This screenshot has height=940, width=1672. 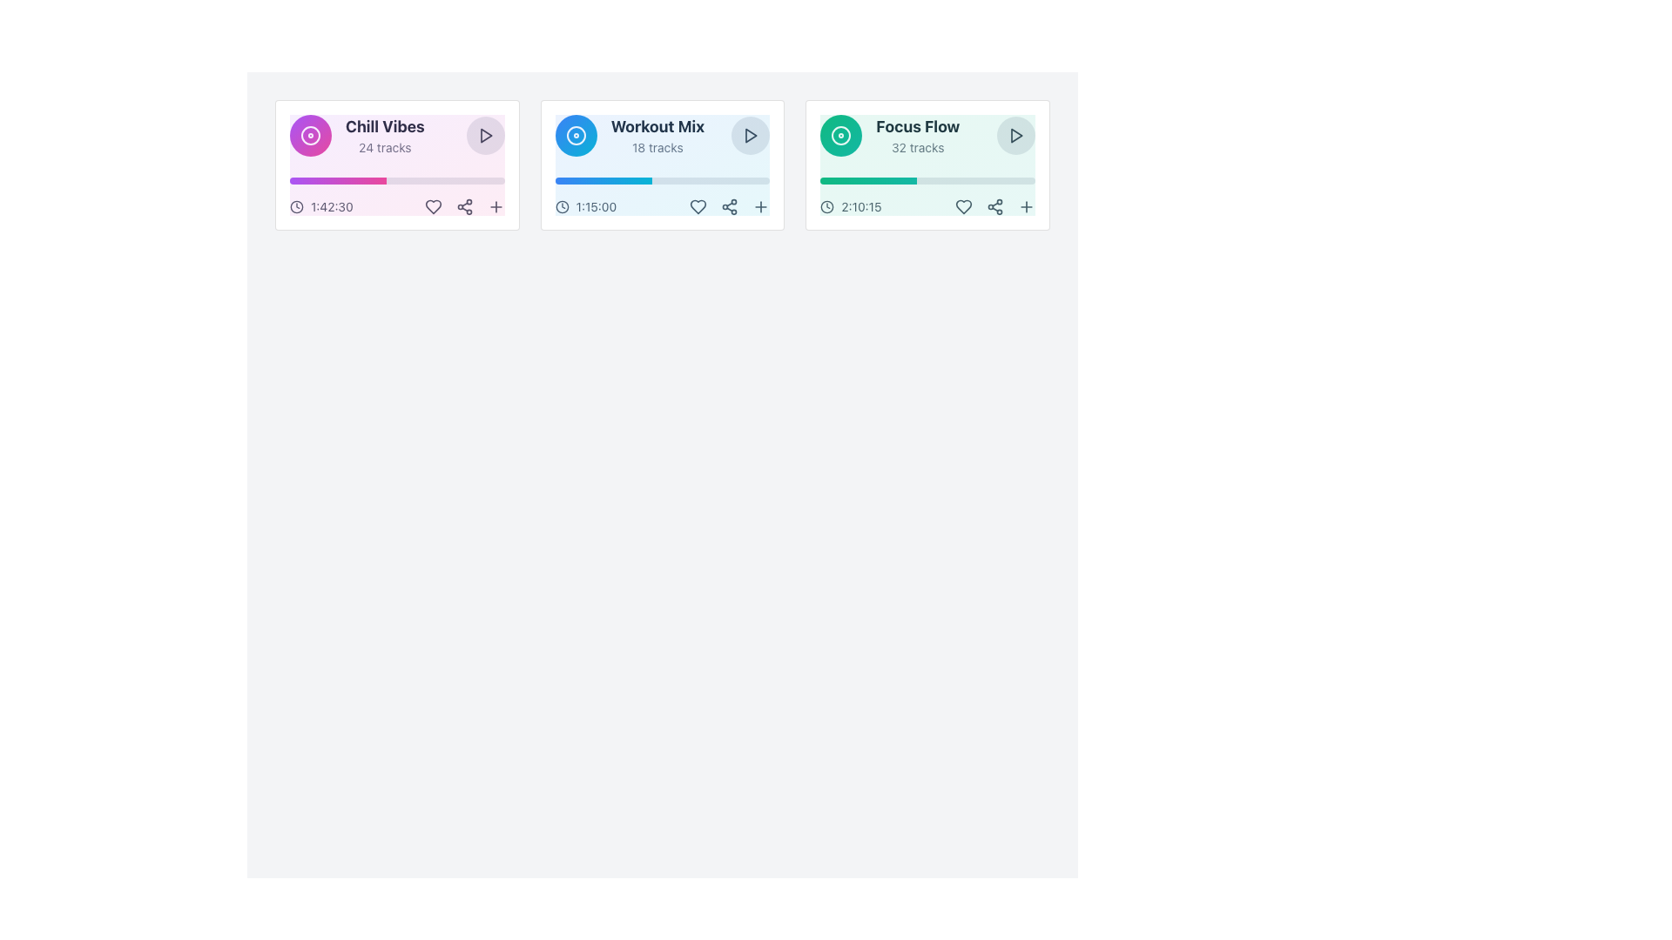 What do you see at coordinates (657, 134) in the screenshot?
I see `the text label that provides the name and track count of the playlist` at bounding box center [657, 134].